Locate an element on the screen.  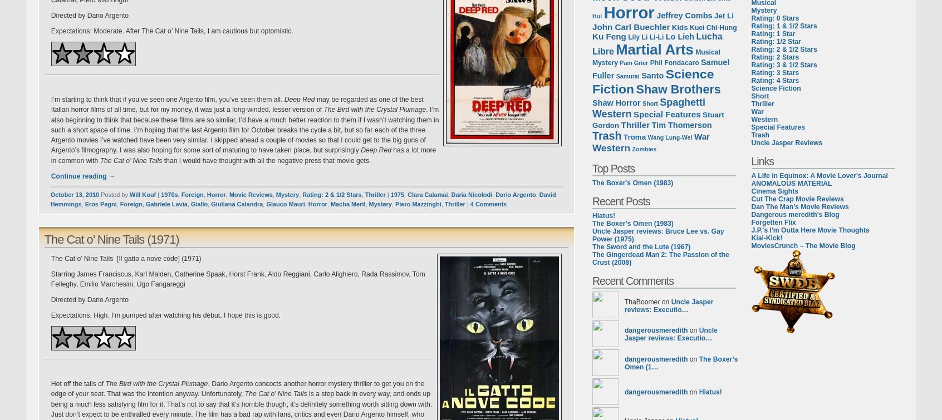
'may be regarded as one of the best Italian horror films of all time, but for my money, it was just a long-winded, lesser version of' is located at coordinates (236, 104).